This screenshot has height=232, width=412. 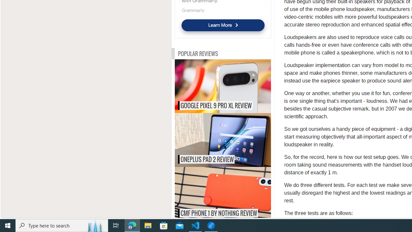 What do you see at coordinates (236, 86) in the screenshot?
I see `'Google Pixel 9 Pro XL review'` at bounding box center [236, 86].